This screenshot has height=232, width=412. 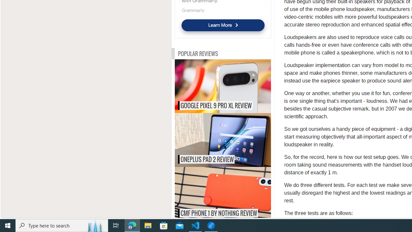 What do you see at coordinates (236, 86) in the screenshot?
I see `'Google Pixel 9 Pro XL review'` at bounding box center [236, 86].